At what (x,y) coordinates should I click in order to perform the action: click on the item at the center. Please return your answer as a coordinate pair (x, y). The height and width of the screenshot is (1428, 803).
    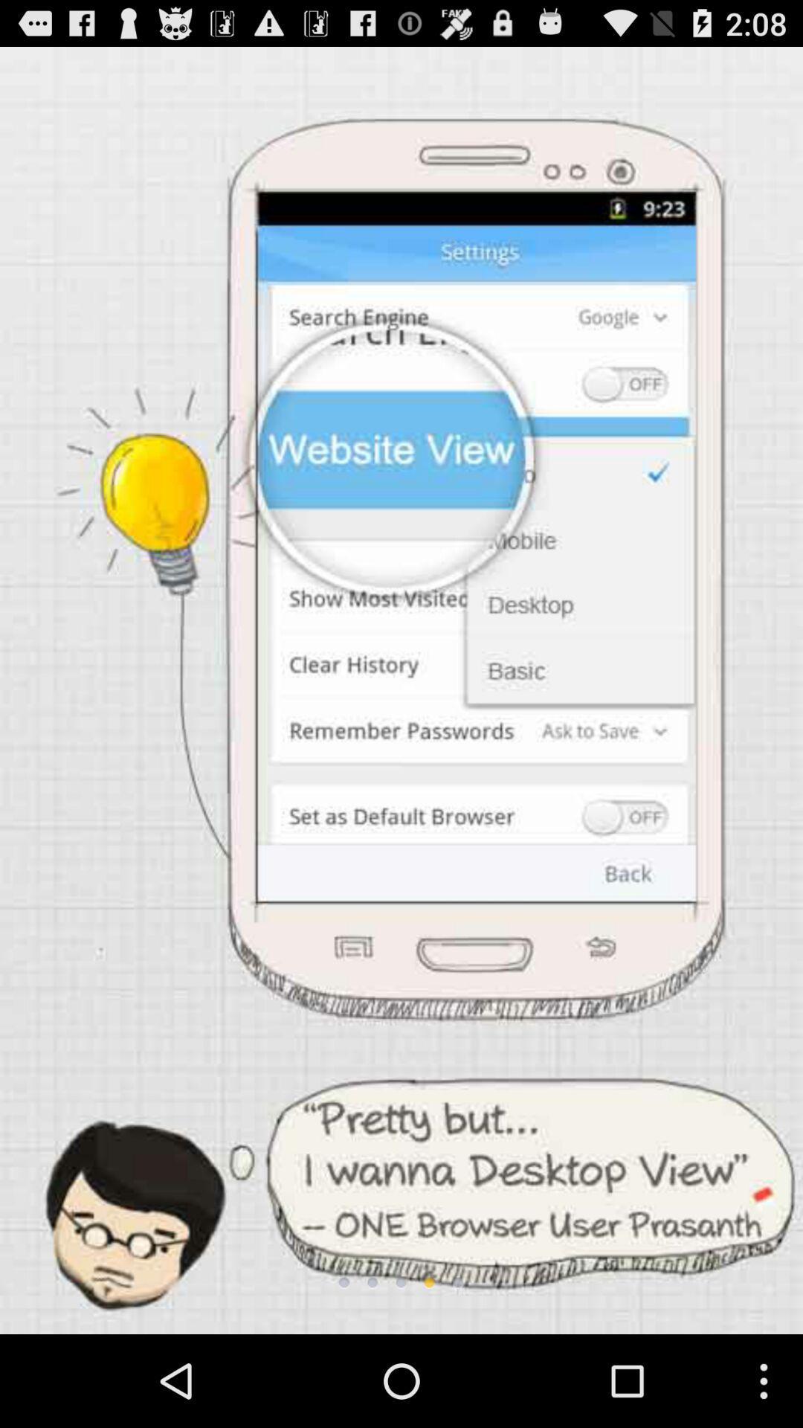
    Looking at the image, I should click on (401, 689).